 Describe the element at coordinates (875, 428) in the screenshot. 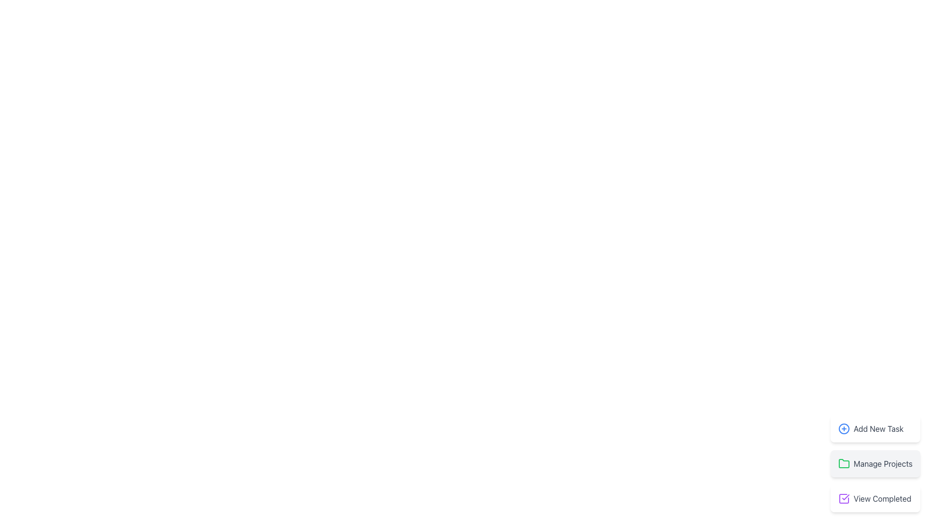

I see `the button located near the bottom-right corner that serves as a trigger for adding a new task` at that location.